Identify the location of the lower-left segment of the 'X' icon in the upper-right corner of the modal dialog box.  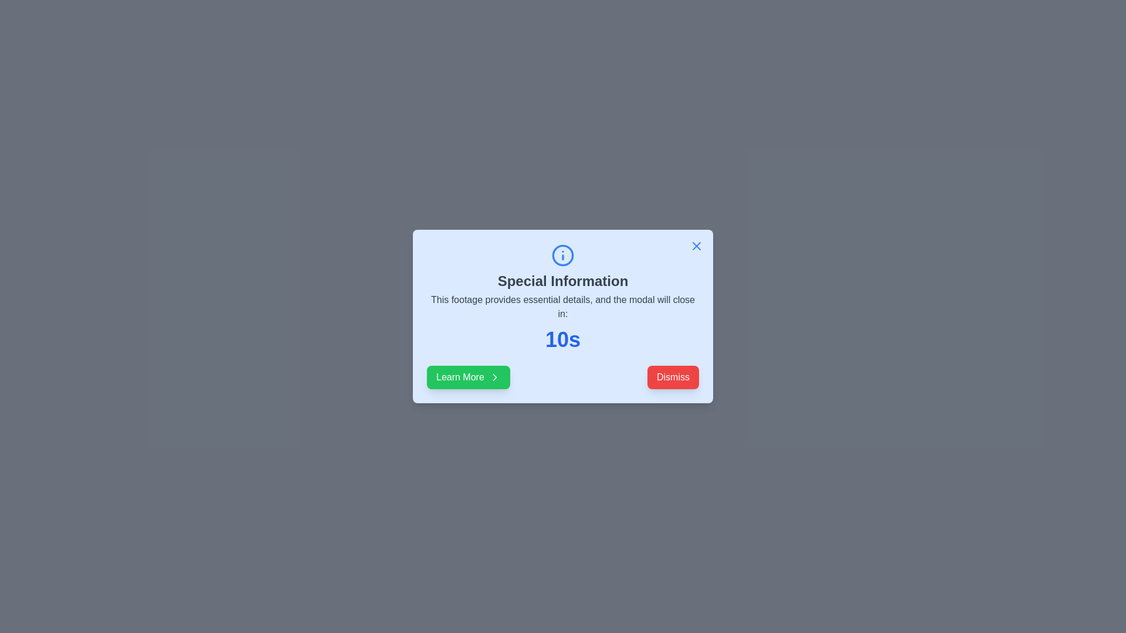
(697, 246).